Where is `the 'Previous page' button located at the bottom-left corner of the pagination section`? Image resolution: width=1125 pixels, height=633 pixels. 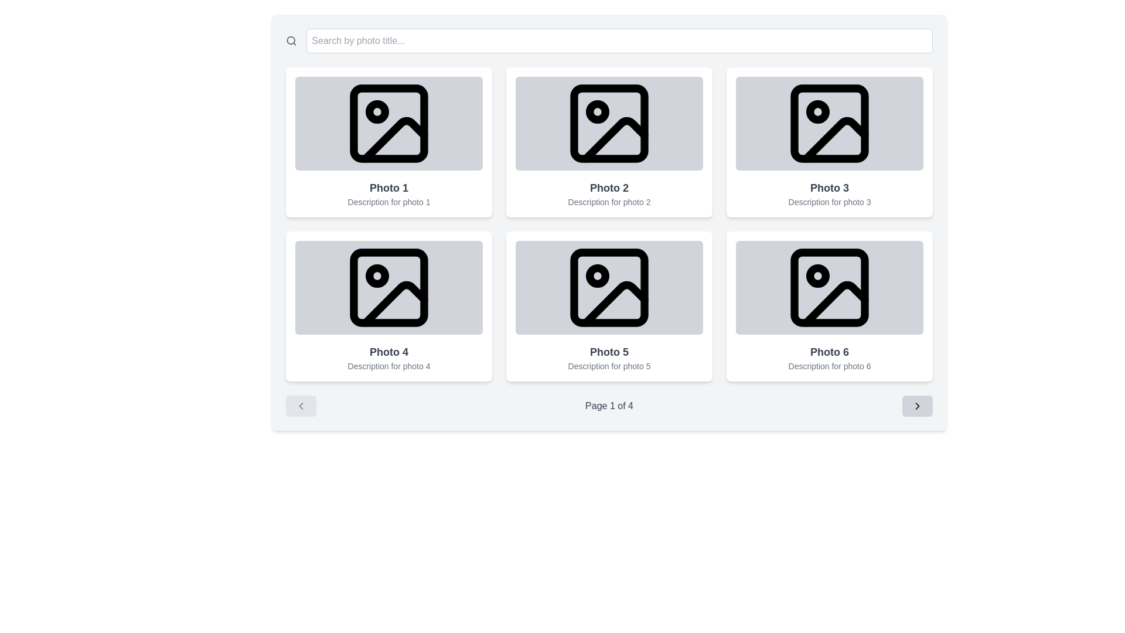
the 'Previous page' button located at the bottom-left corner of the pagination section is located at coordinates (301, 406).